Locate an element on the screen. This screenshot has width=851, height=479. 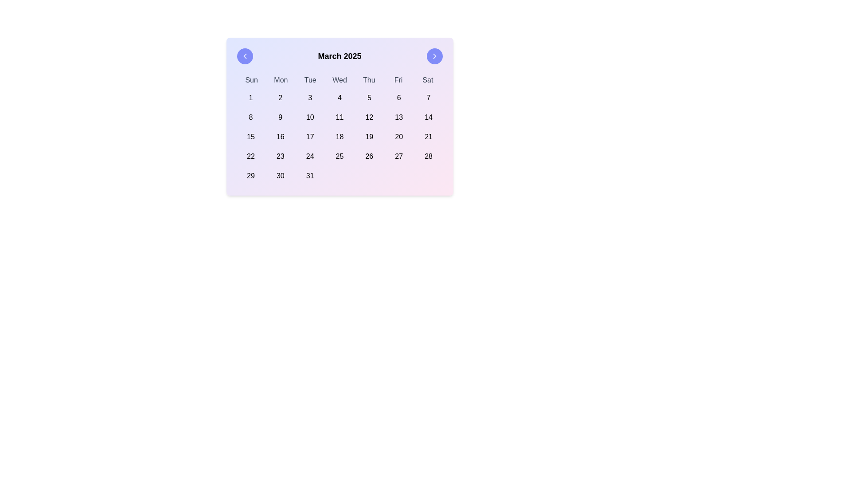
the left-pointing chevron icon inside the circular button with a blue background at the top-left corner of the calendar interface is located at coordinates (245, 56).